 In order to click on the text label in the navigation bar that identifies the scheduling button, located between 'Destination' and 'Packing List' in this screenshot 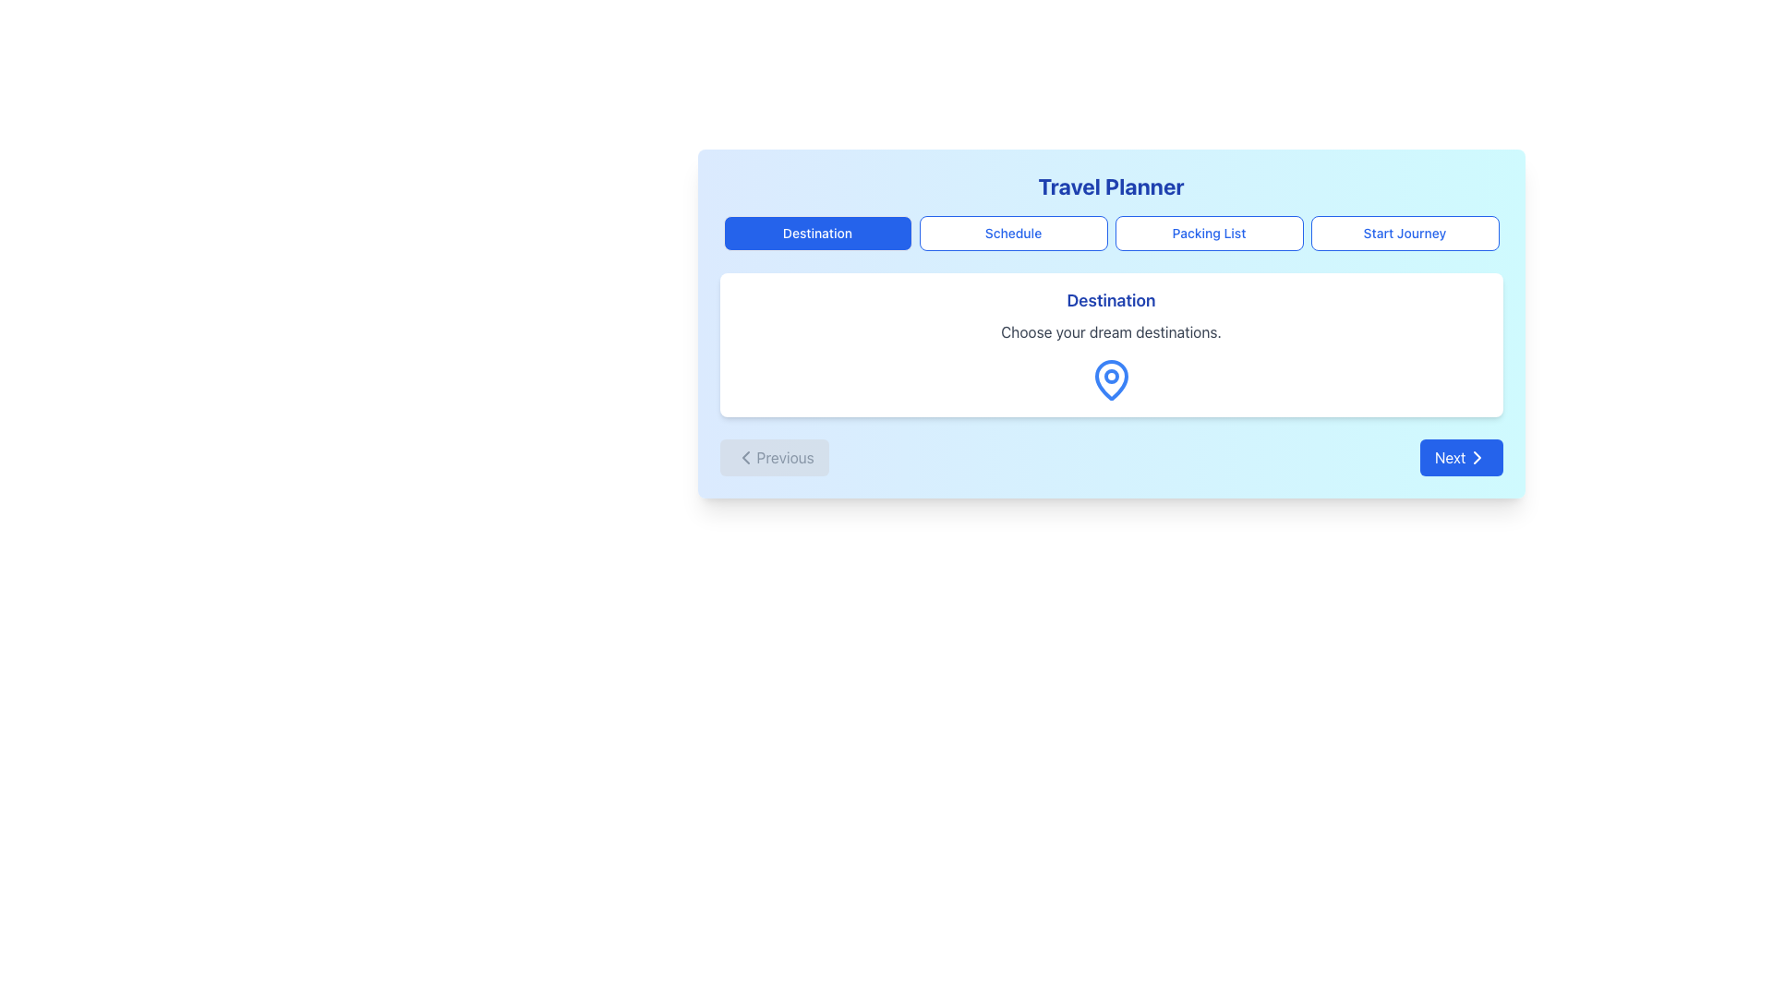, I will do `click(1012, 233)`.